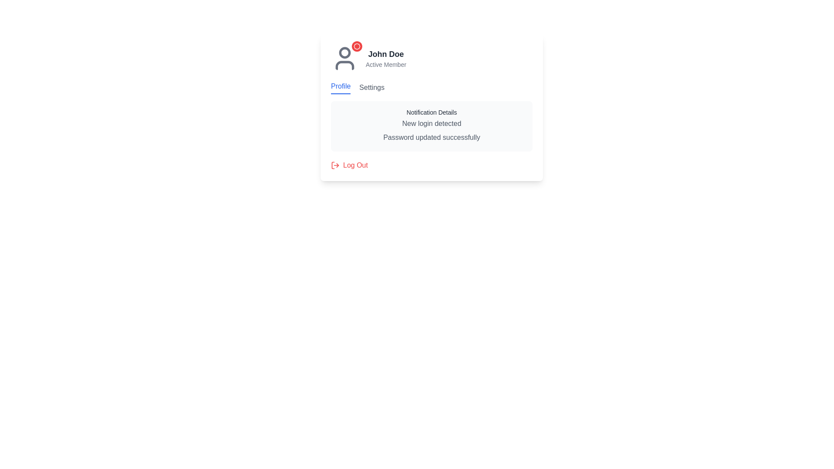 The width and height of the screenshot is (834, 469). I want to click on the text block displaying 'New login detected' and 'Password updated successfully', so click(431, 130).